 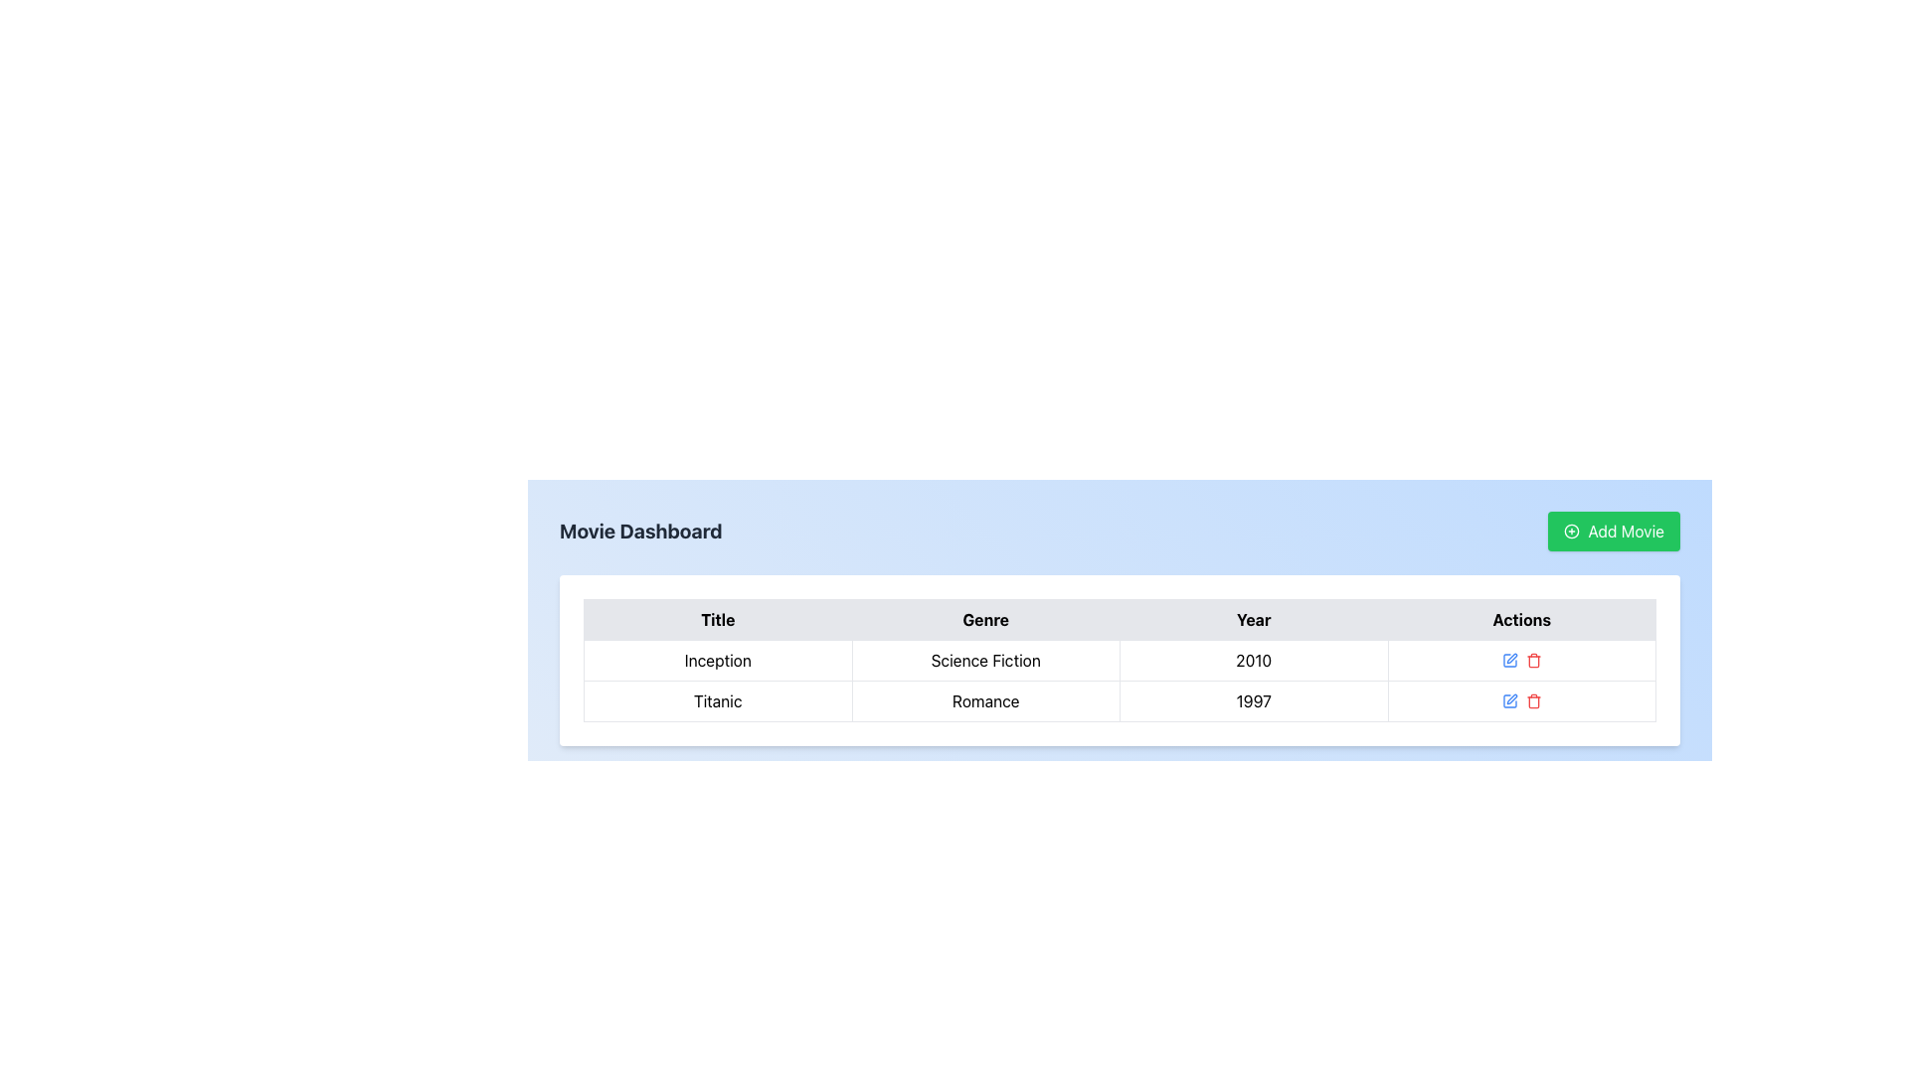 What do you see at coordinates (1120, 680) in the screenshot?
I see `the table row containing details for 'Inception' and 'Titanic'` at bounding box center [1120, 680].